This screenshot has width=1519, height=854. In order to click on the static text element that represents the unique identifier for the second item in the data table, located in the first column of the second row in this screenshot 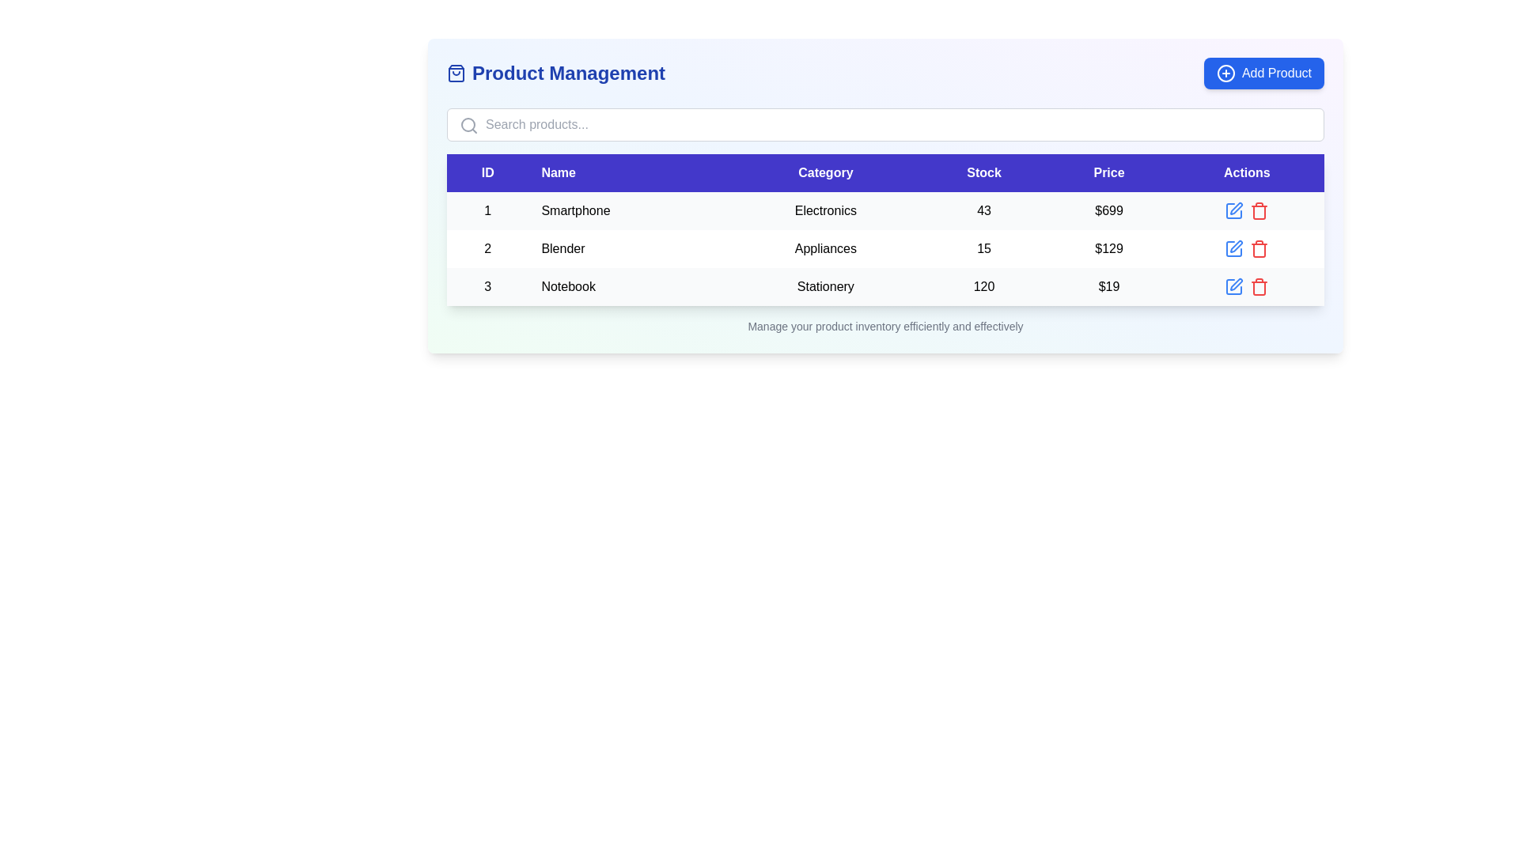, I will do `click(487, 249)`.